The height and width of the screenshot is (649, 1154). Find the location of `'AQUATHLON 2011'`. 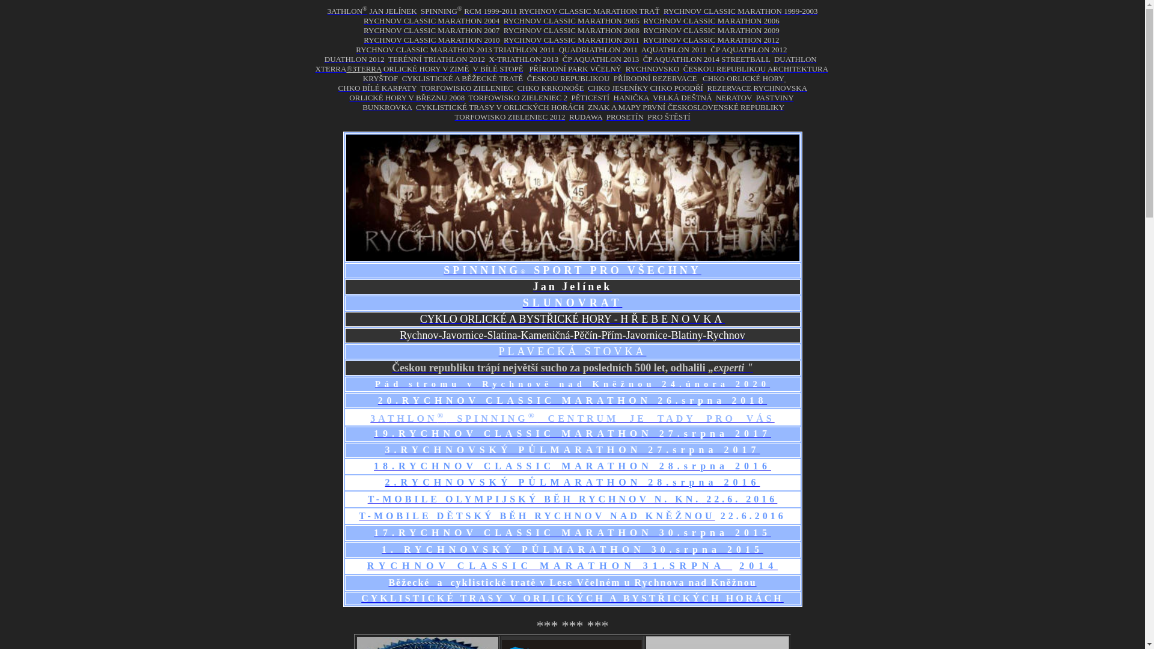

'AQUATHLON 2011' is located at coordinates (640, 49).